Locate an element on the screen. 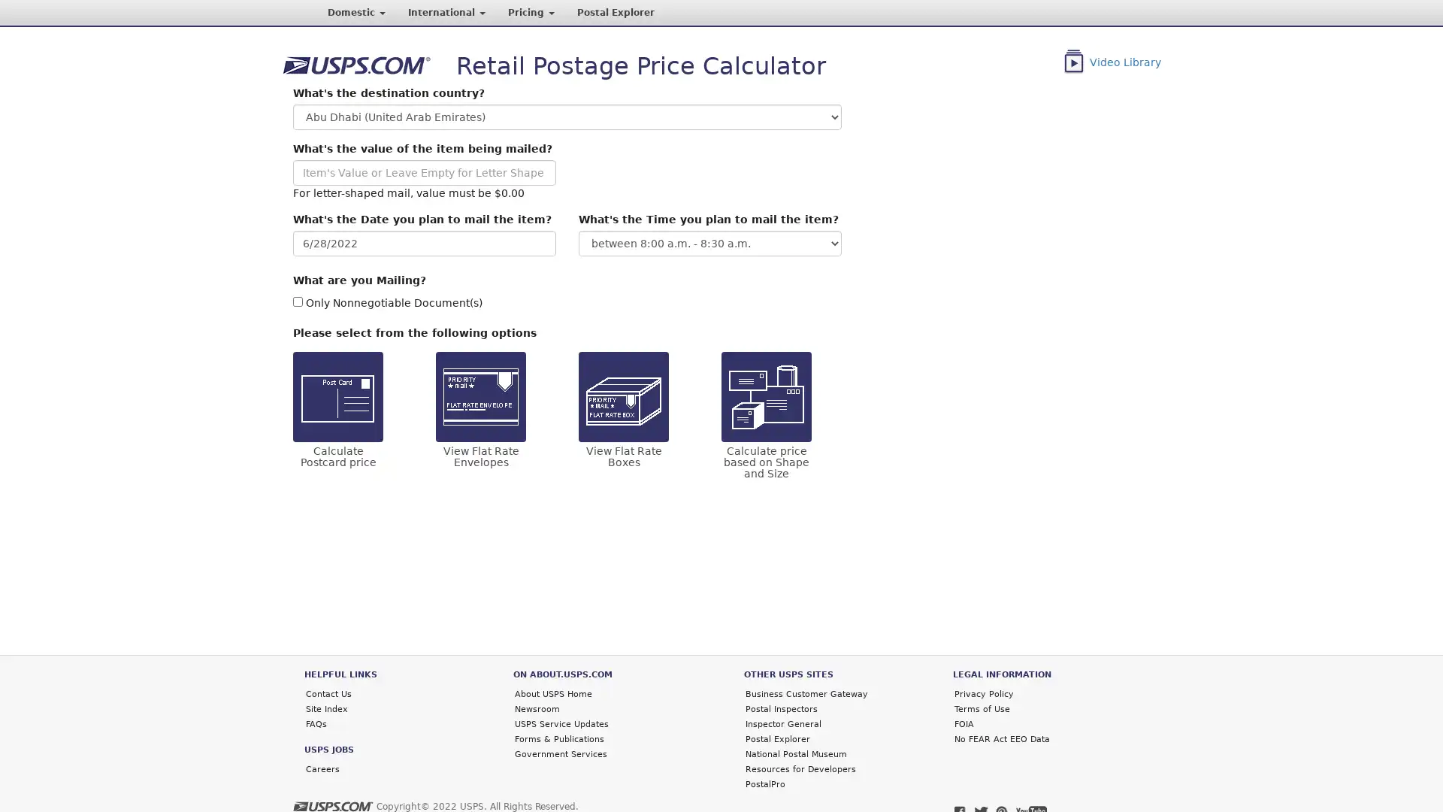  View Flat Rate Envelopes is located at coordinates (479, 396).